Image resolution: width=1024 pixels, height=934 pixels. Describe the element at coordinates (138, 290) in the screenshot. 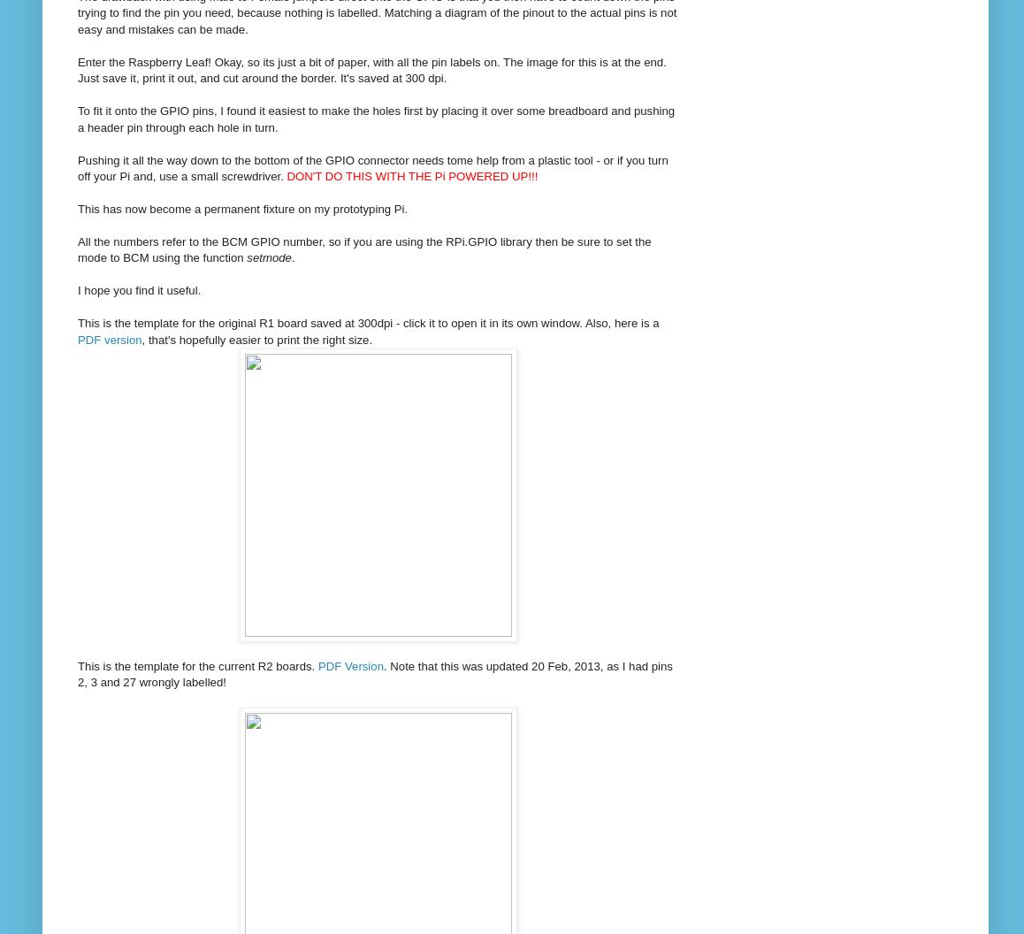

I see `'I hope you find it useful.'` at that location.